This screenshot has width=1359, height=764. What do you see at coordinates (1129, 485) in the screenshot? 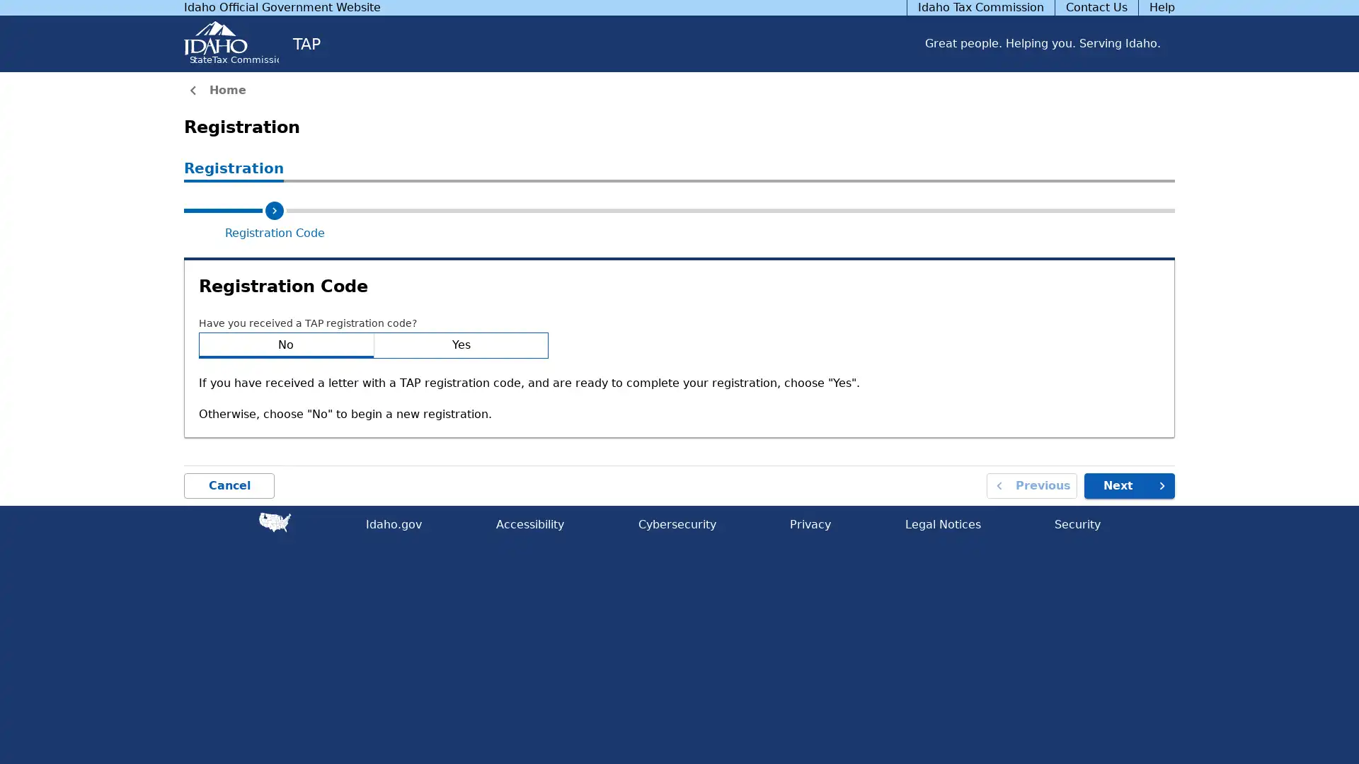
I see `Next` at bounding box center [1129, 485].